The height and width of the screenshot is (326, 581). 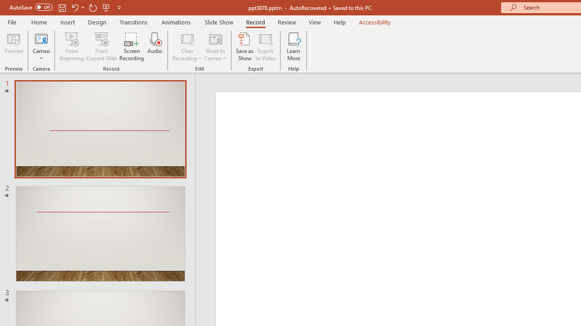 I want to click on 'Export to Video', so click(x=265, y=47).